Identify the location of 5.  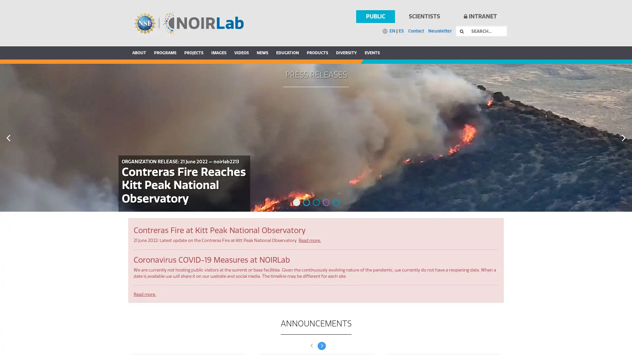
(336, 202).